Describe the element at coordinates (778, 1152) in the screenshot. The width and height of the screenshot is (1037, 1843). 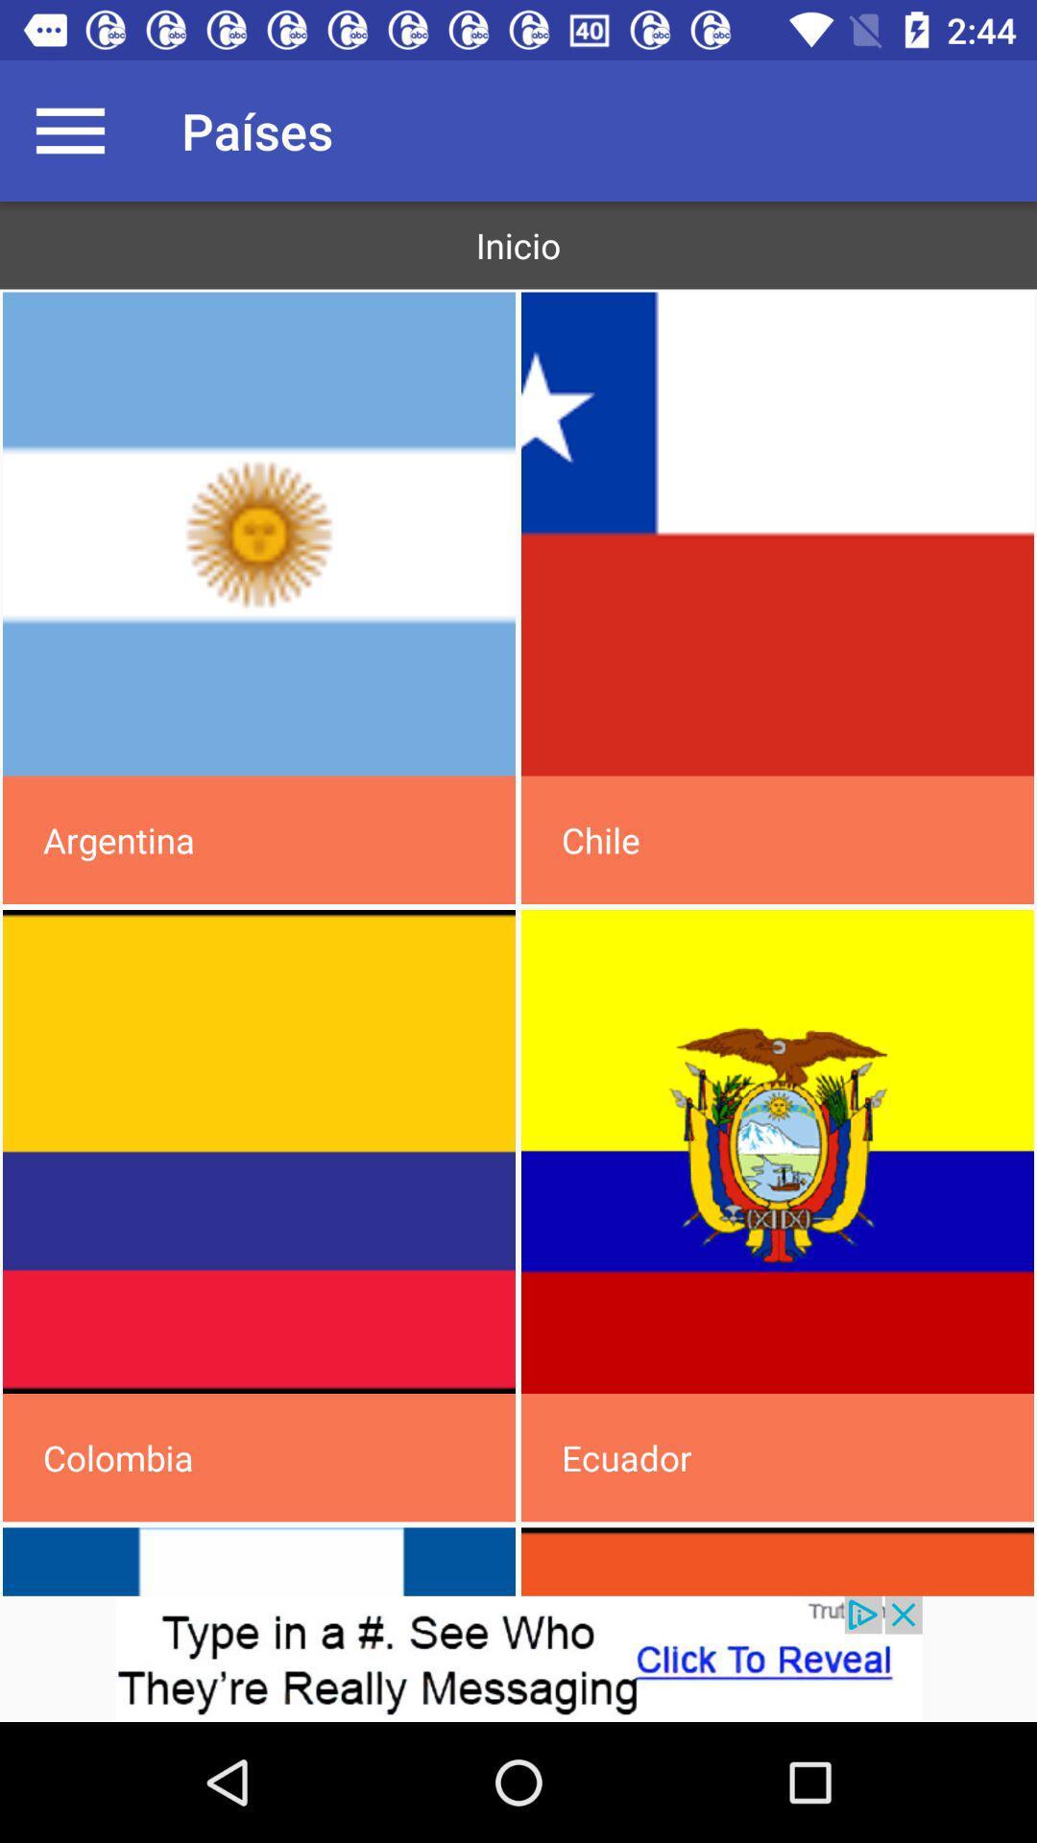
I see `the country` at that location.